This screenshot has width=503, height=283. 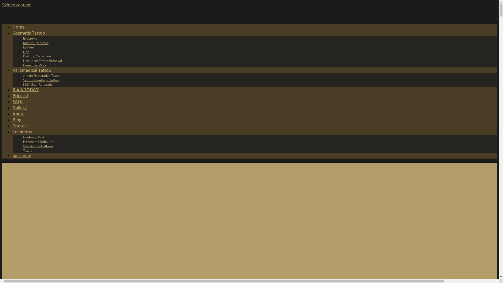 What do you see at coordinates (33, 137) in the screenshot?
I see `'Geelong West'` at bounding box center [33, 137].